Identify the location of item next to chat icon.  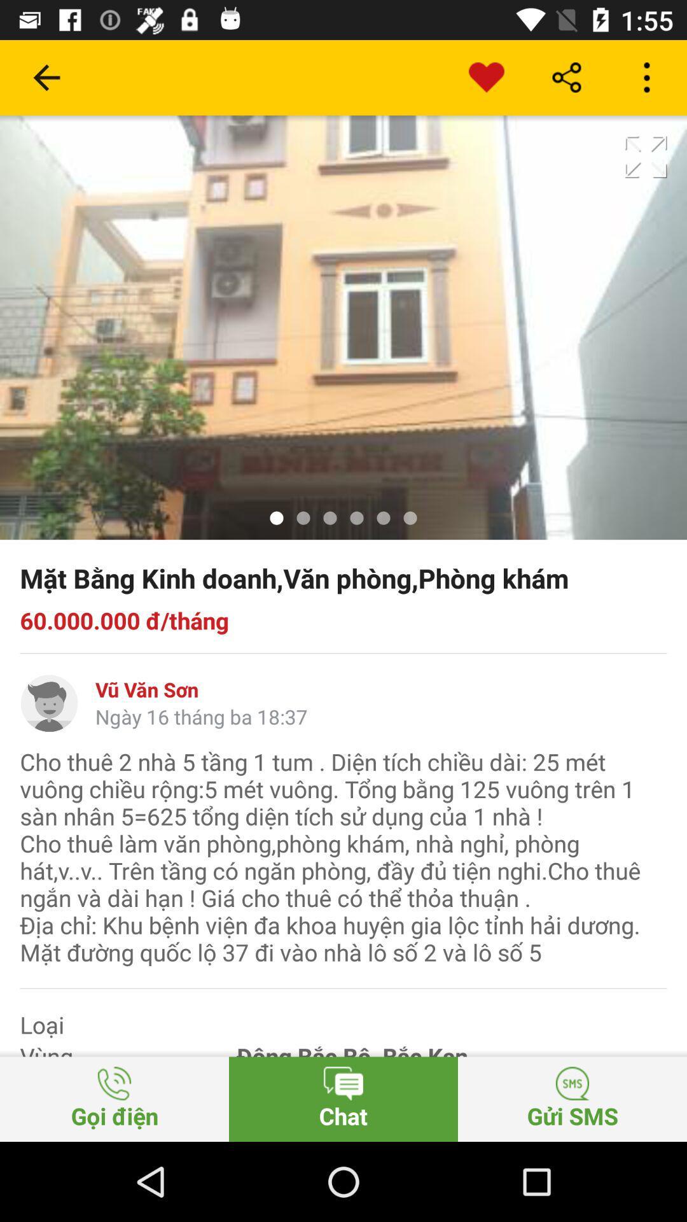
(571, 1099).